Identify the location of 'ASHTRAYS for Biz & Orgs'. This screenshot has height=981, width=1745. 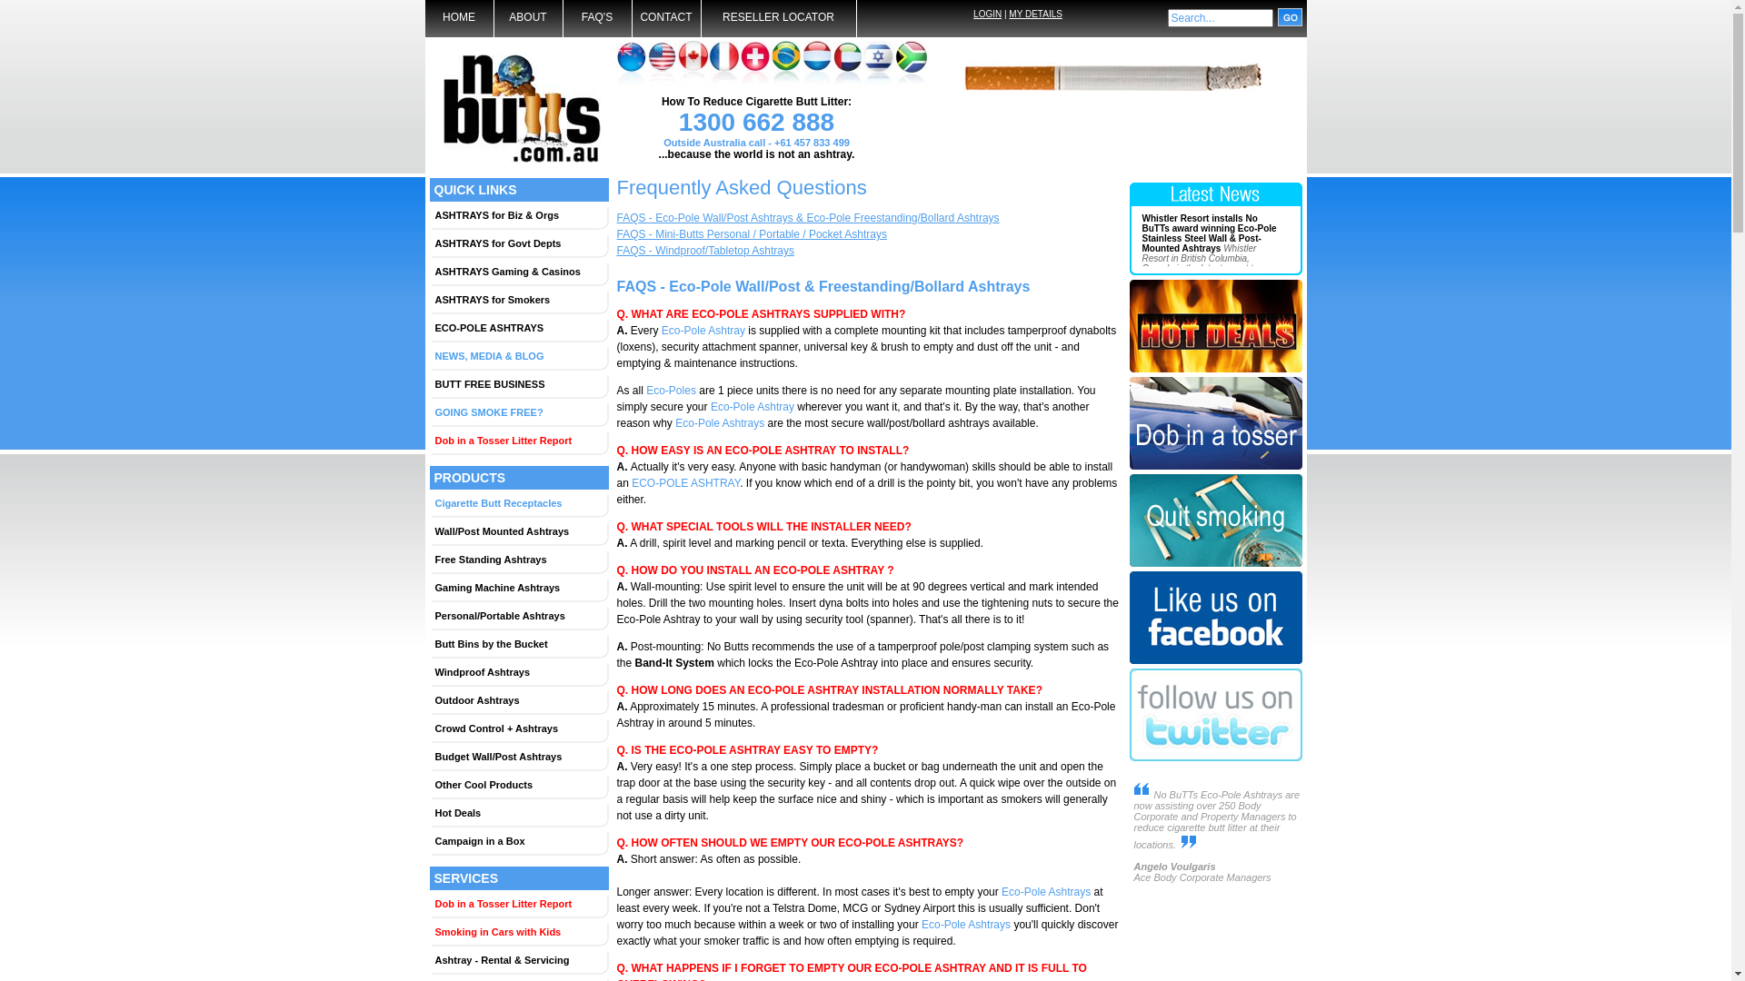
(518, 213).